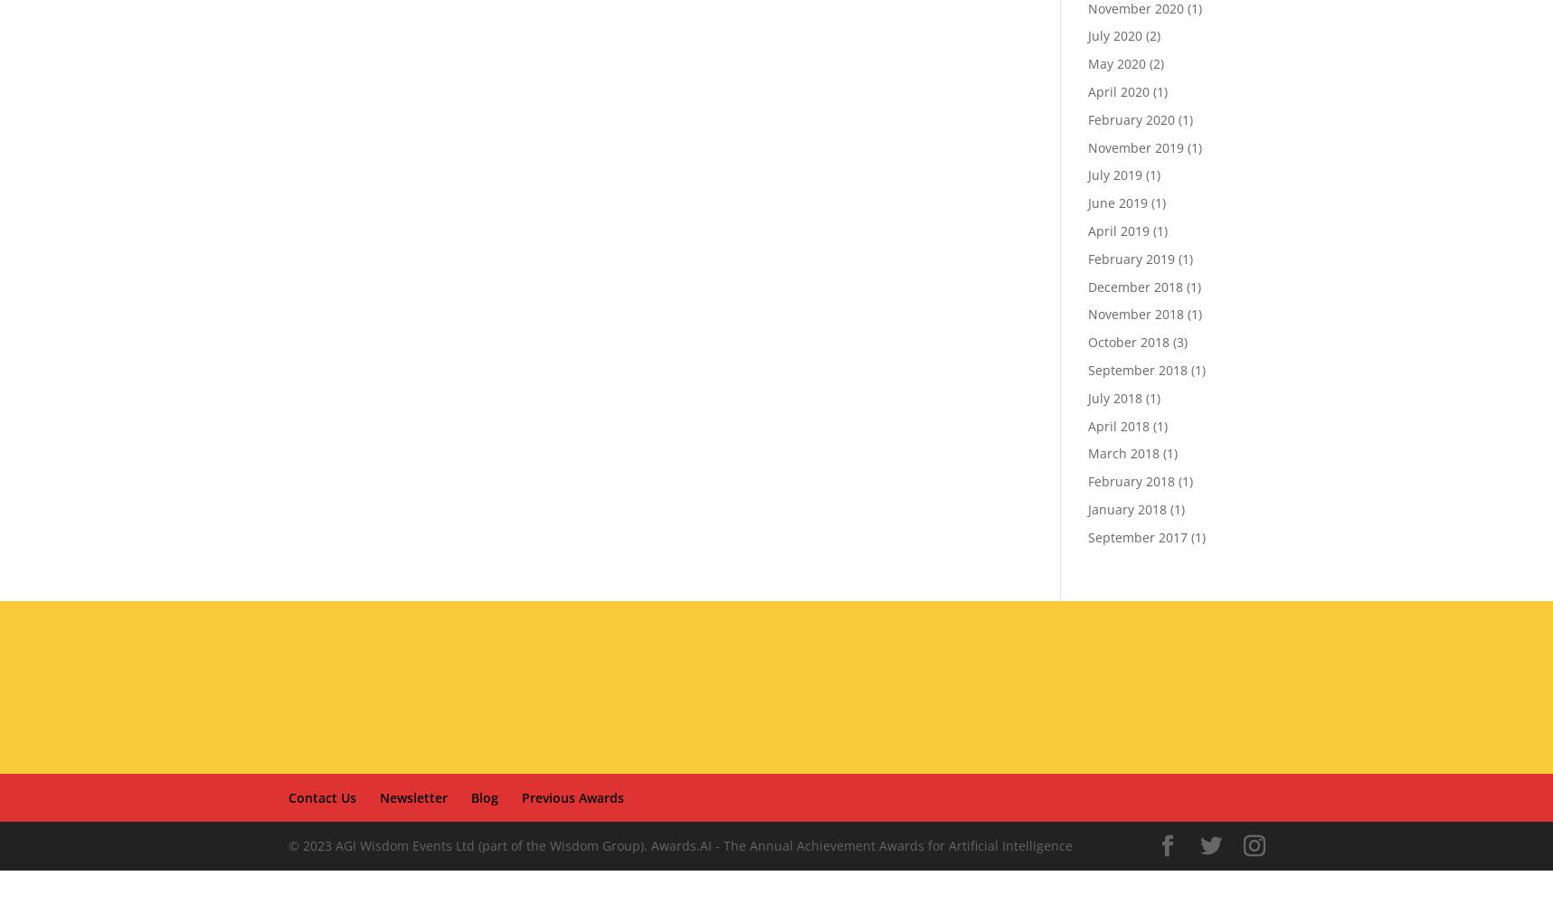  What do you see at coordinates (1116, 62) in the screenshot?
I see `'May 2020'` at bounding box center [1116, 62].